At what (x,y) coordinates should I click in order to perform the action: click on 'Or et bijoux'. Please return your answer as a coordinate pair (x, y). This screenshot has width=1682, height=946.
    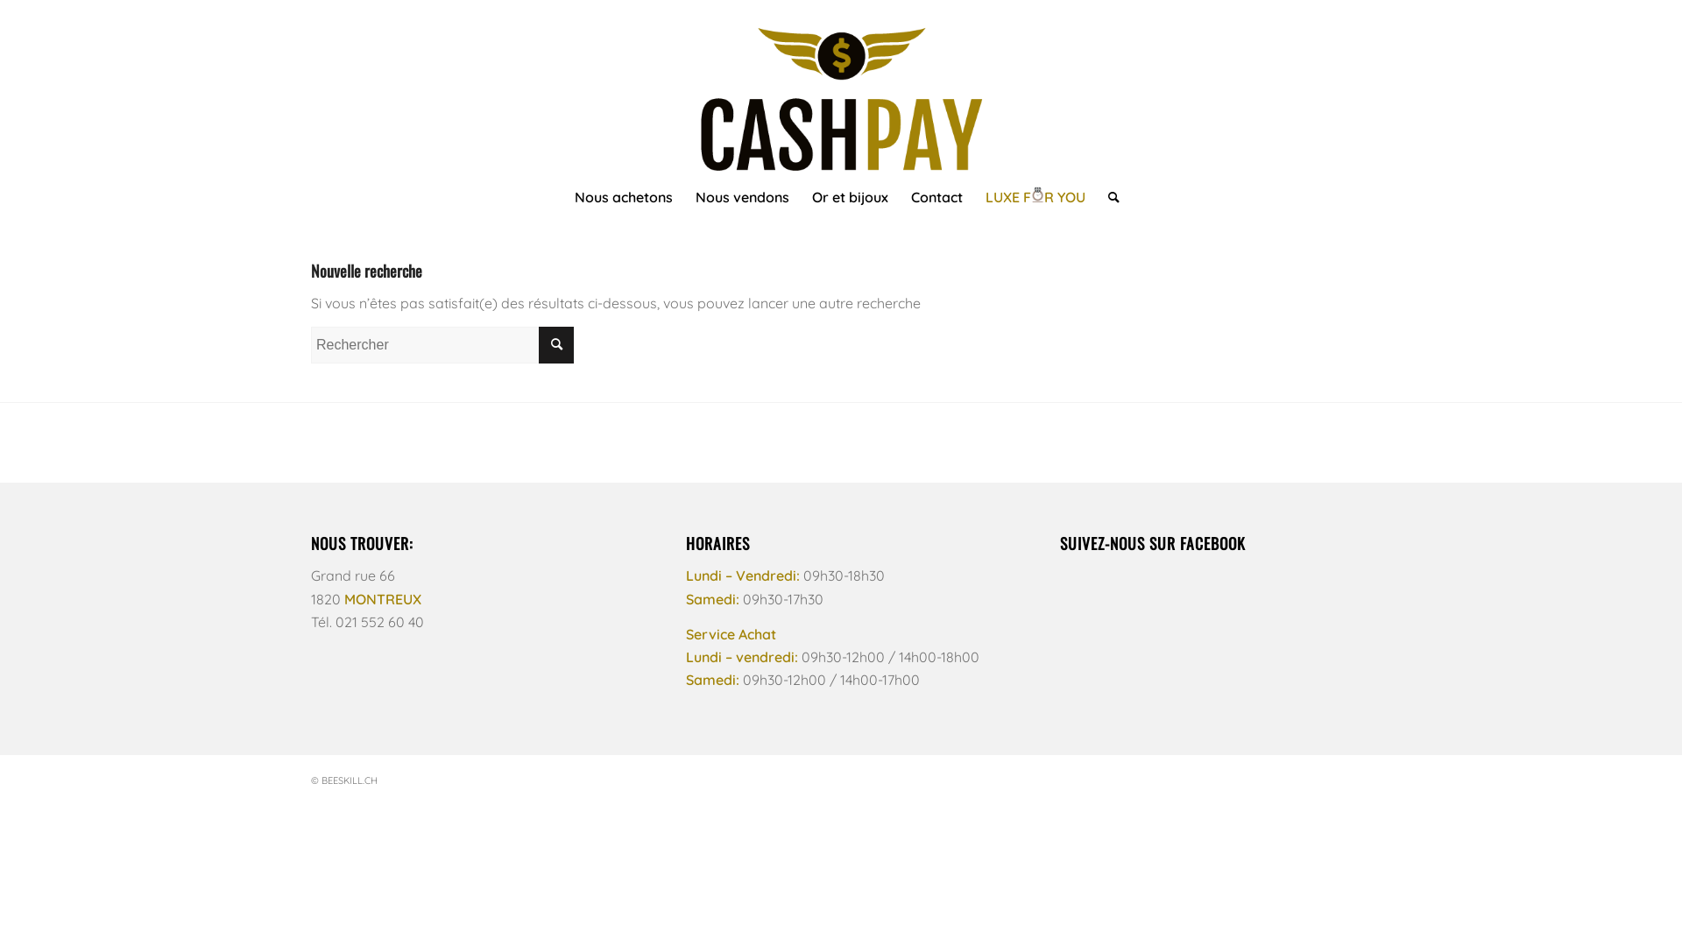
    Looking at the image, I should click on (850, 196).